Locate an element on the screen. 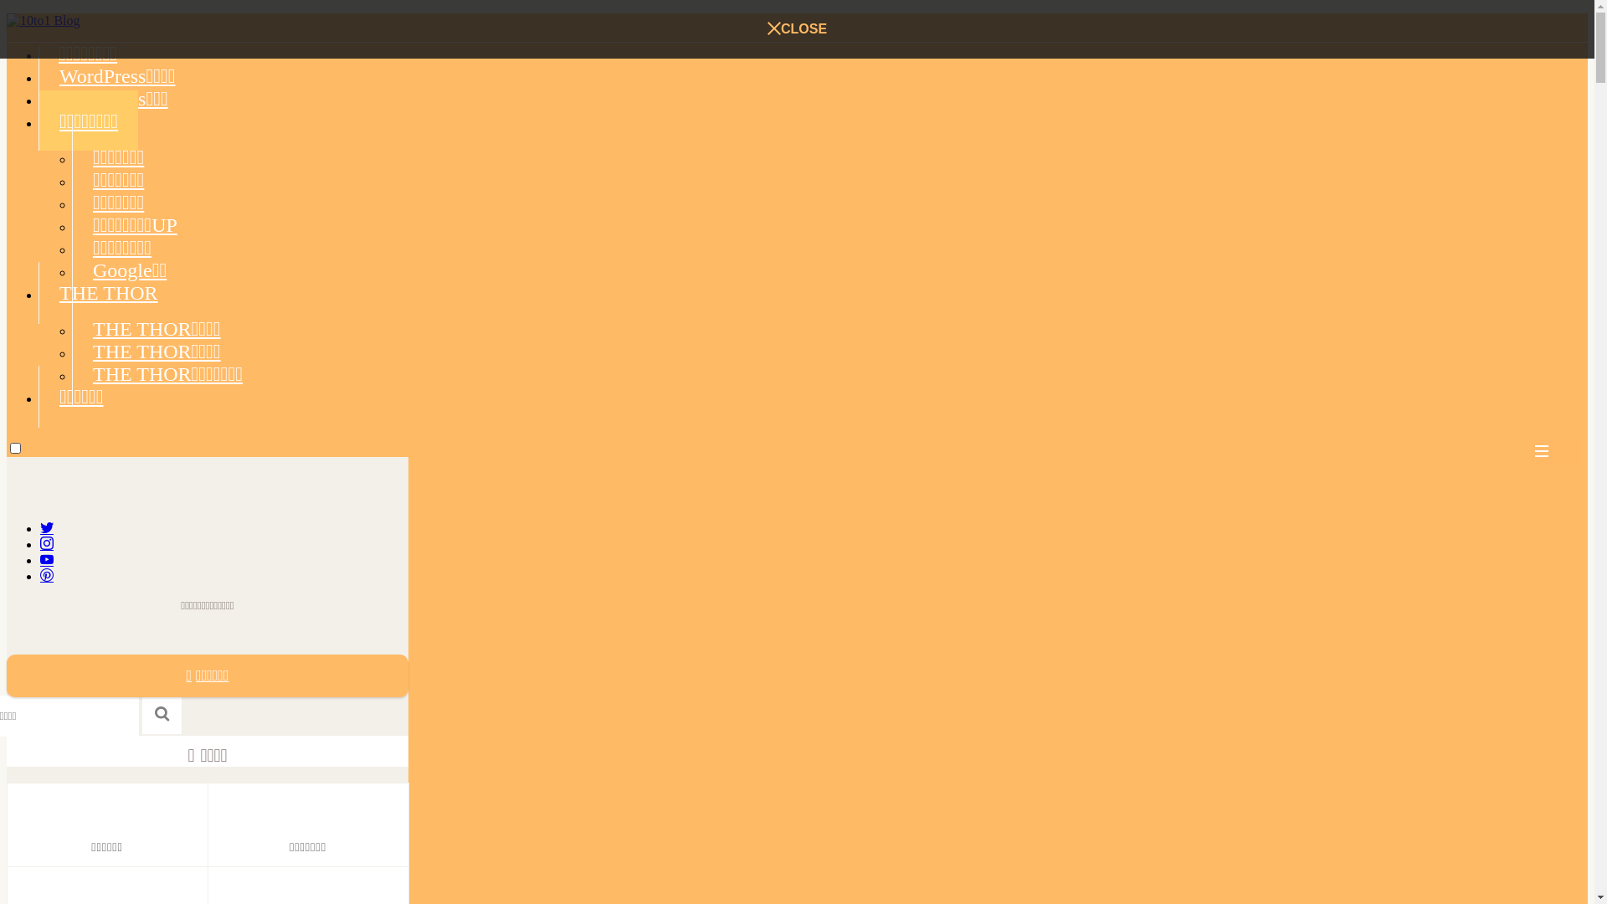  'THE THOR' is located at coordinates (39, 292).